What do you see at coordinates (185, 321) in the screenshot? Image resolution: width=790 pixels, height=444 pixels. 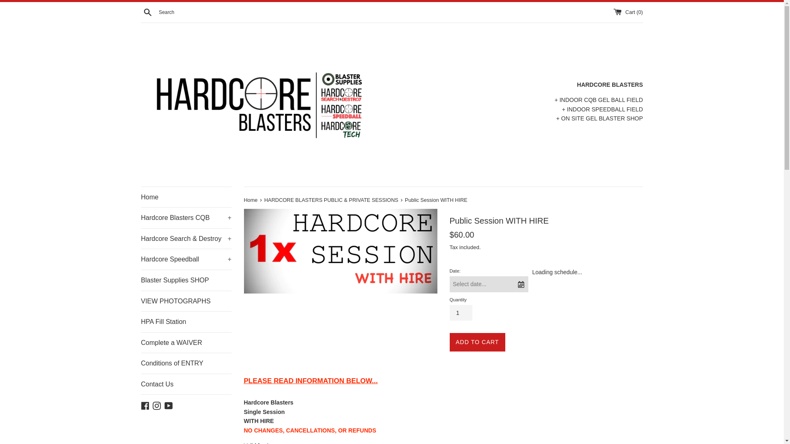 I see `'HPA Fill Station'` at bounding box center [185, 321].